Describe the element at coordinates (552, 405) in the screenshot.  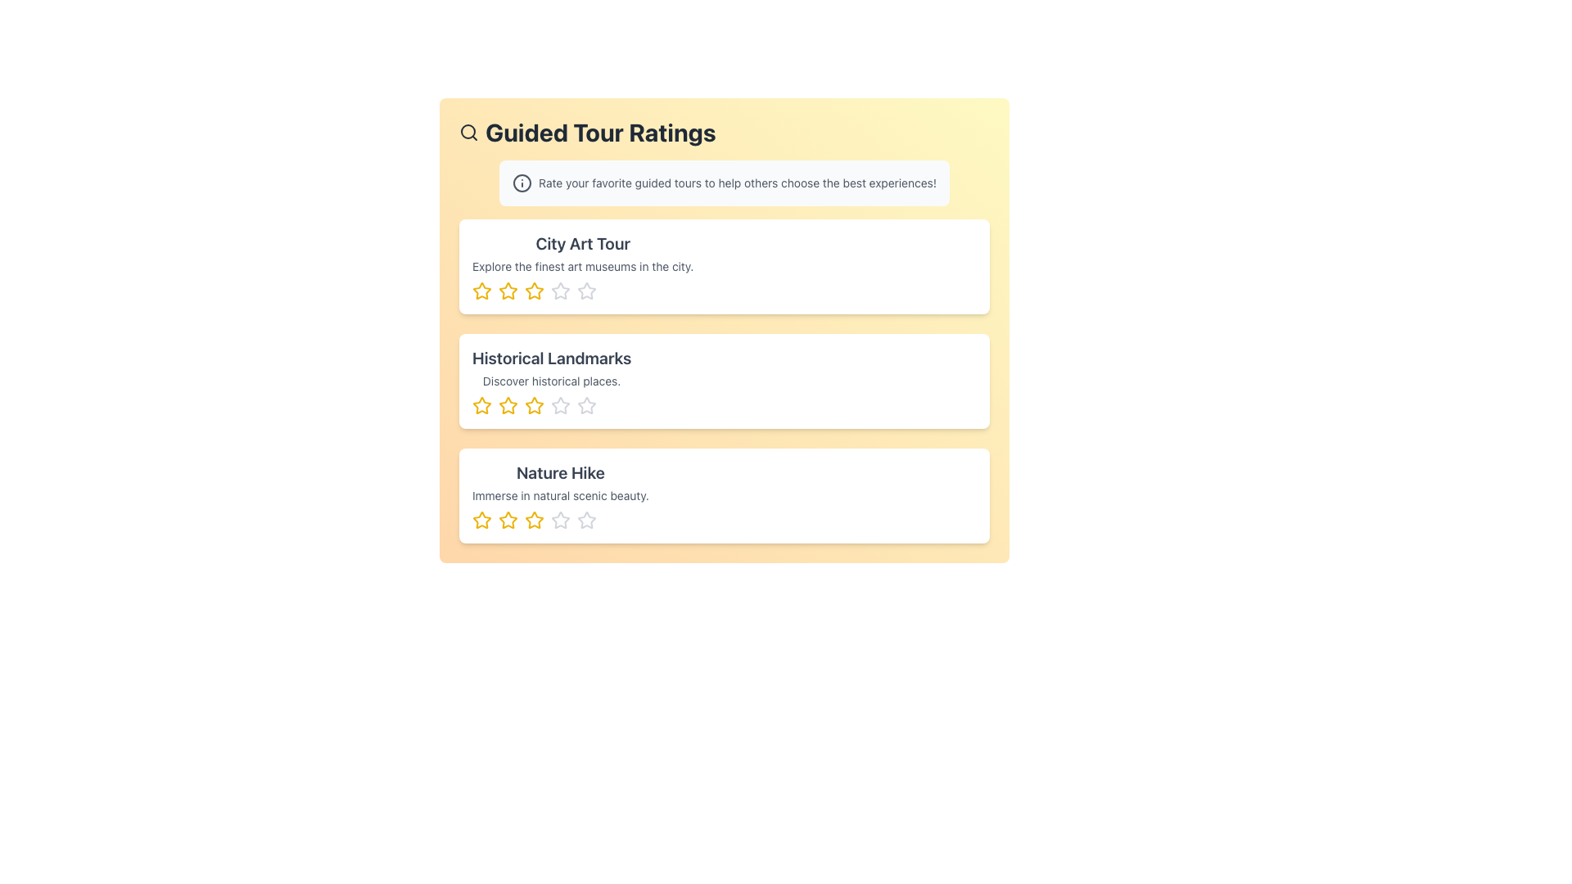
I see `the third star icon in the 'Historical Landmarks' section` at that location.